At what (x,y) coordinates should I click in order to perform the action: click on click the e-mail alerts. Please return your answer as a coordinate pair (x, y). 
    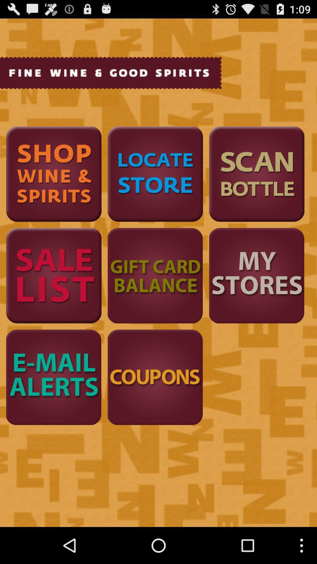
    Looking at the image, I should click on (54, 377).